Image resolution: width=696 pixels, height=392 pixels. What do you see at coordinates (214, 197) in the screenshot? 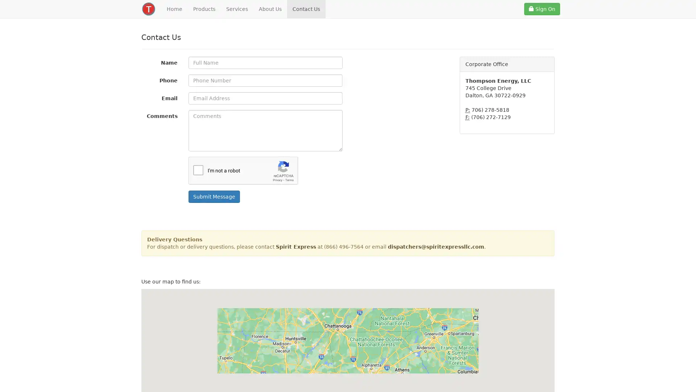
I see `Submit Message` at bounding box center [214, 197].